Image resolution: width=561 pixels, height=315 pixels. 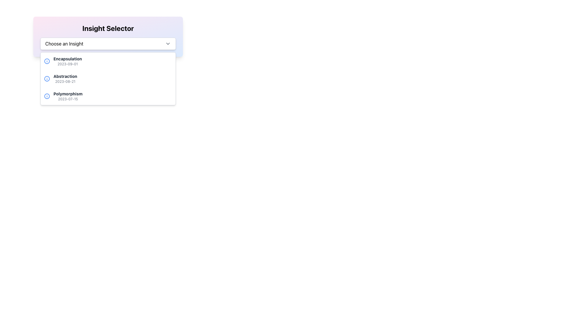 What do you see at coordinates (108, 96) in the screenshot?
I see `the dropdown list item titled 'Polymorphism'` at bounding box center [108, 96].